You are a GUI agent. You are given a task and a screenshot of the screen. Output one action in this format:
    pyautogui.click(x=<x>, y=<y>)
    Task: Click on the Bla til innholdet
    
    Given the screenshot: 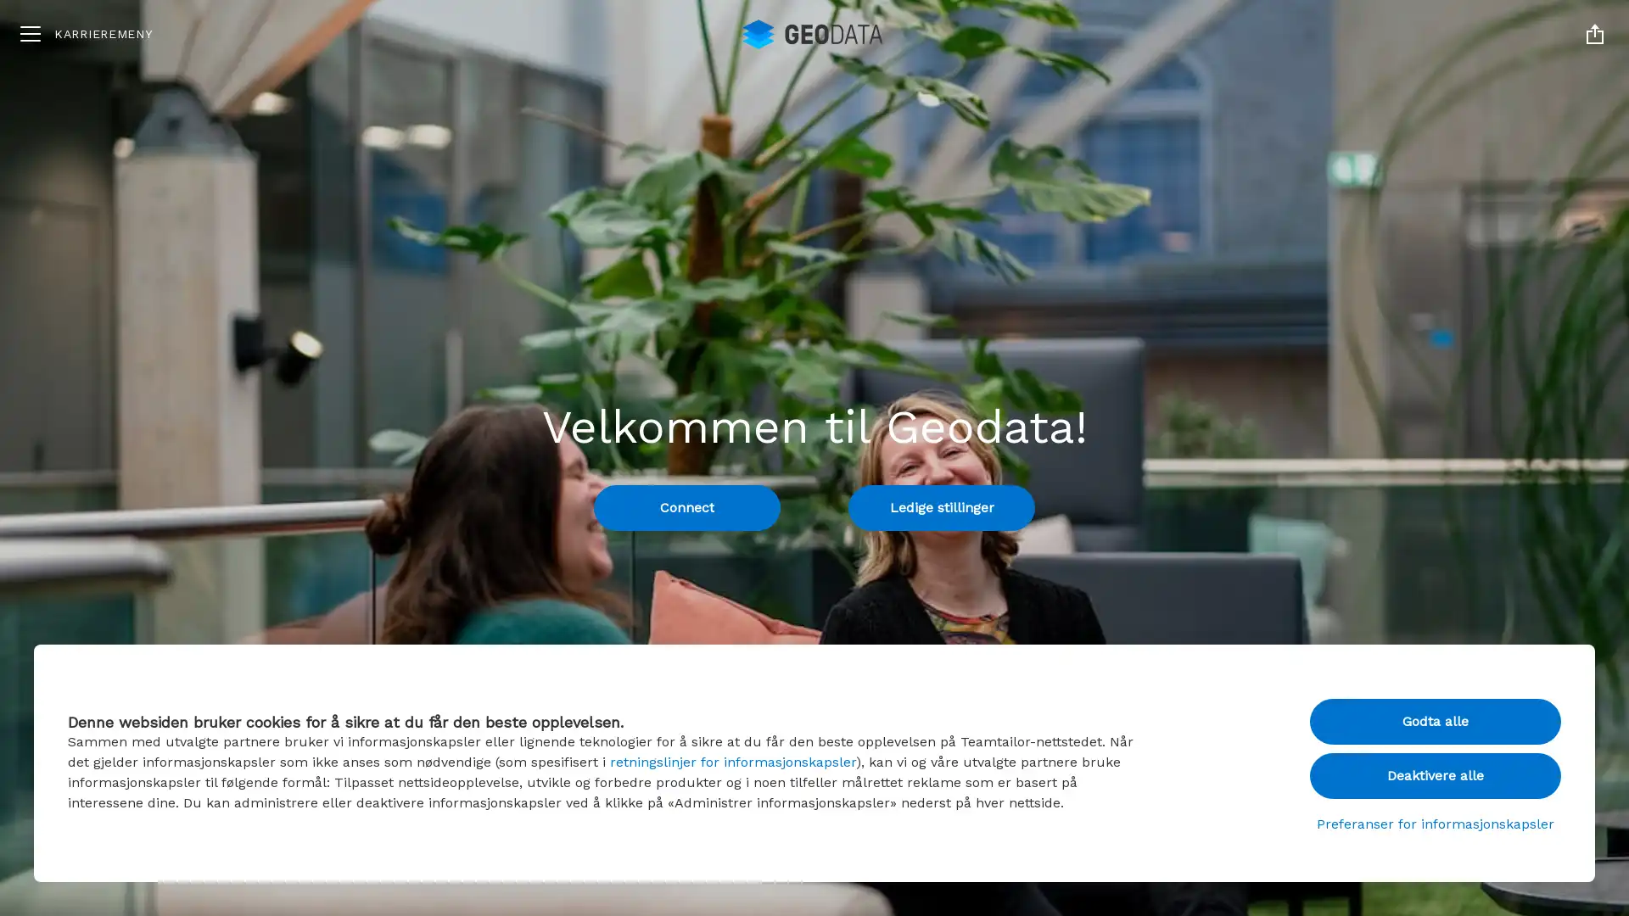 What is the action you would take?
    pyautogui.click(x=814, y=861)
    